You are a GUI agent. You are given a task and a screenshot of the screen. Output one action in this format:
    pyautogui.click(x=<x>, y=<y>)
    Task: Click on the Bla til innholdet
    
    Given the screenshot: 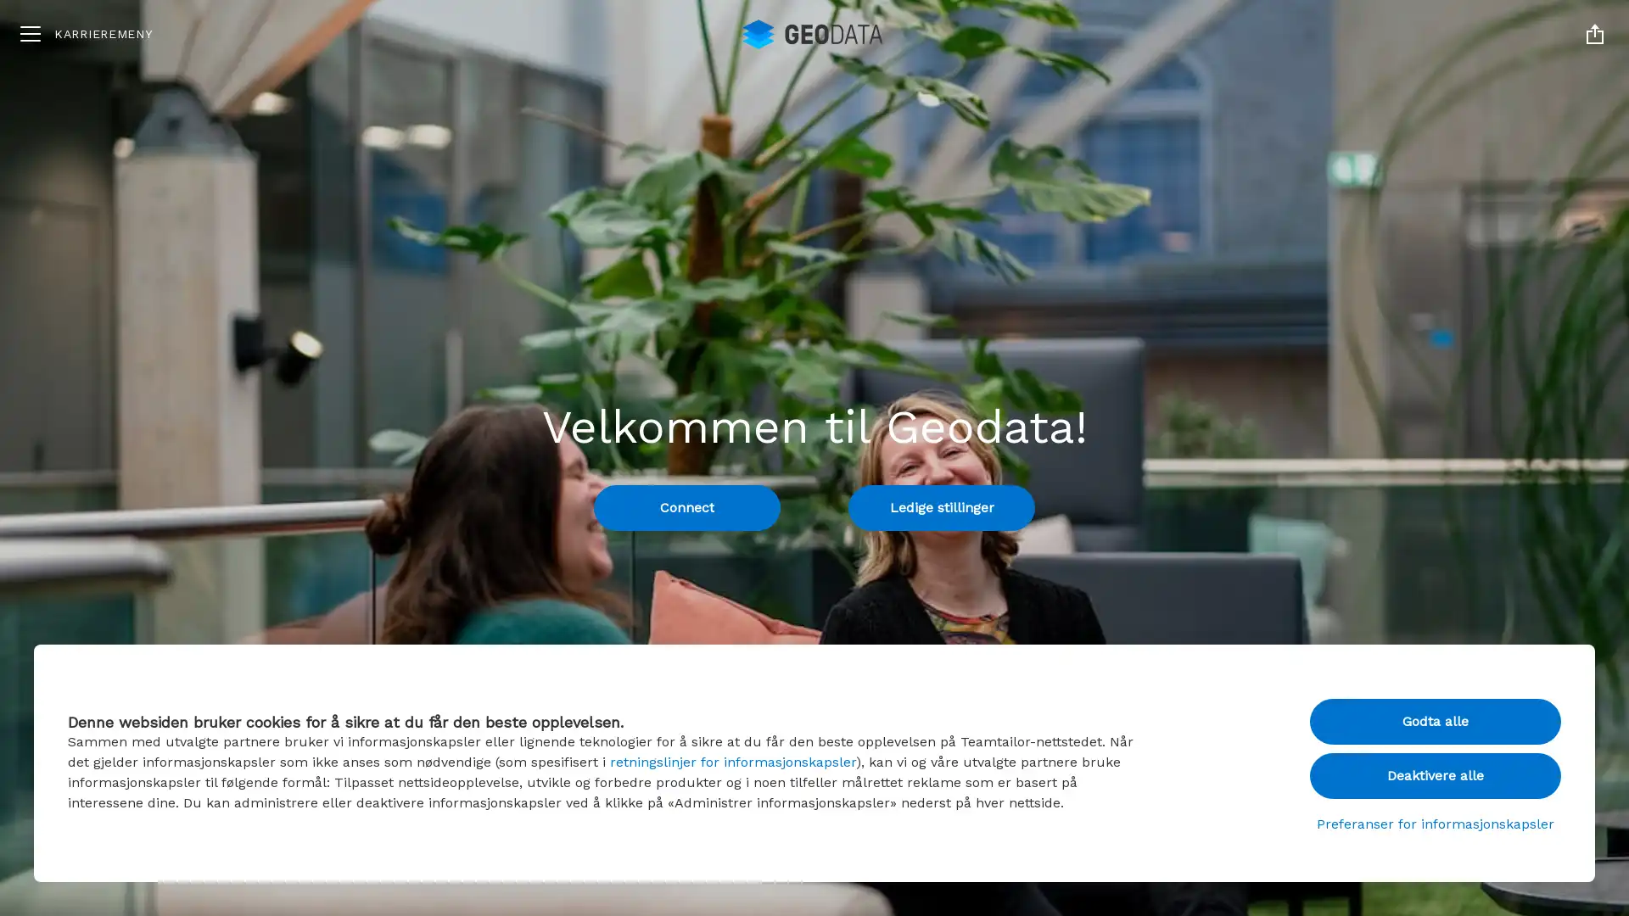 What is the action you would take?
    pyautogui.click(x=814, y=861)
    